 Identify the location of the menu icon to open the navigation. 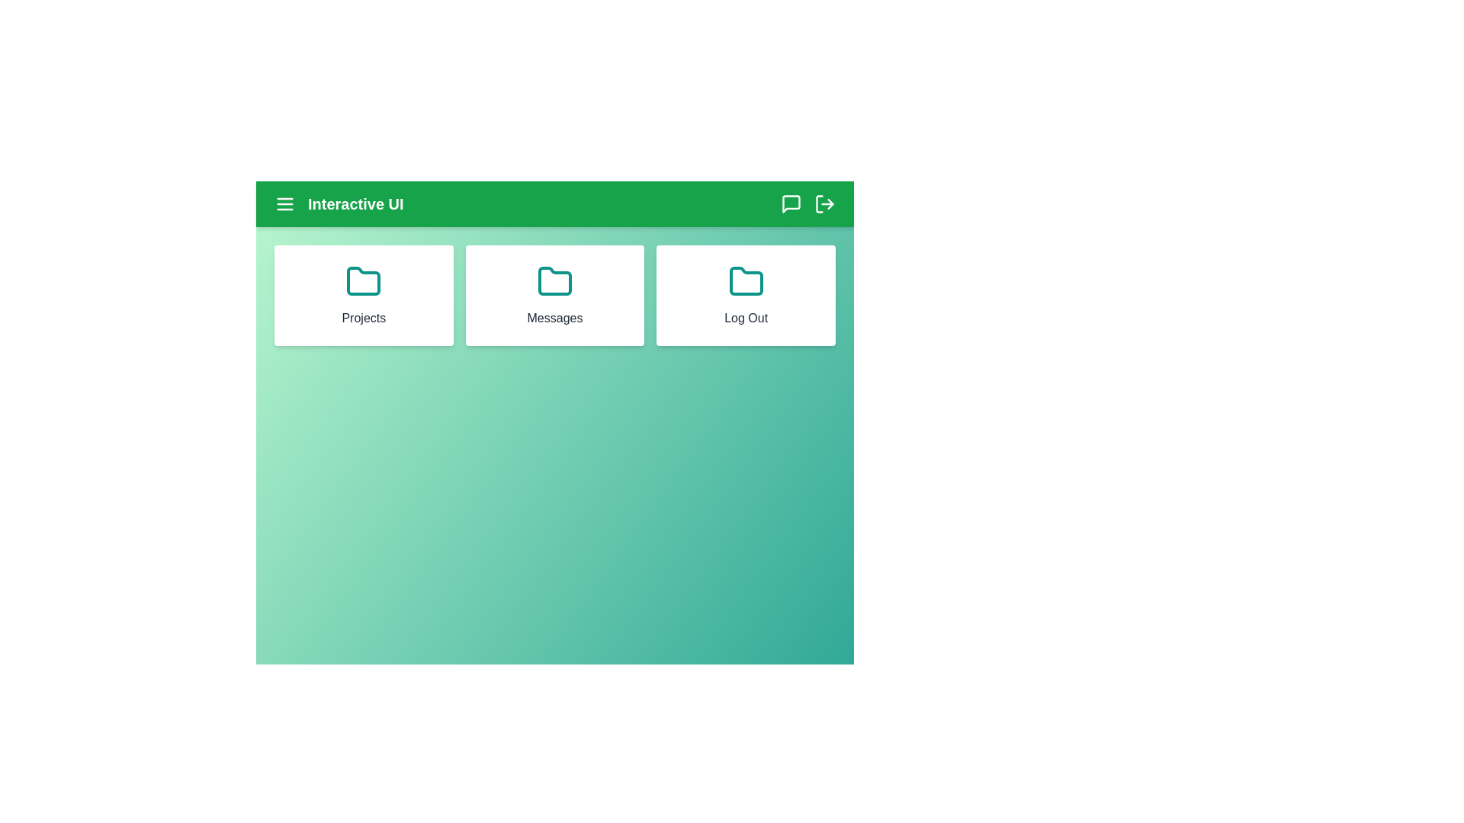
(285, 203).